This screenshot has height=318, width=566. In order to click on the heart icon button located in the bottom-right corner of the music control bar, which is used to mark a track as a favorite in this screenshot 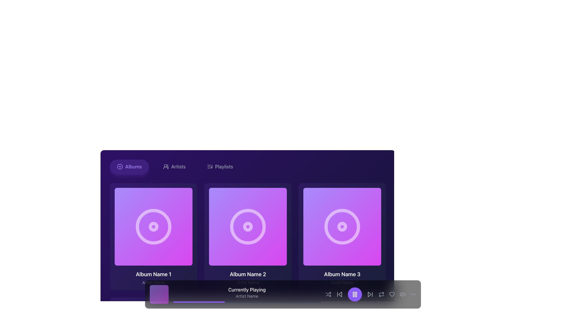, I will do `click(392, 294)`.